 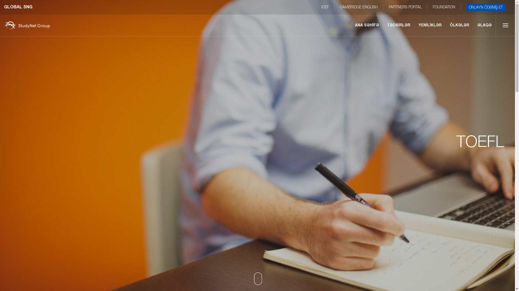 What do you see at coordinates (405, 7) in the screenshot?
I see `'PARTNERS PORTAL'` at bounding box center [405, 7].